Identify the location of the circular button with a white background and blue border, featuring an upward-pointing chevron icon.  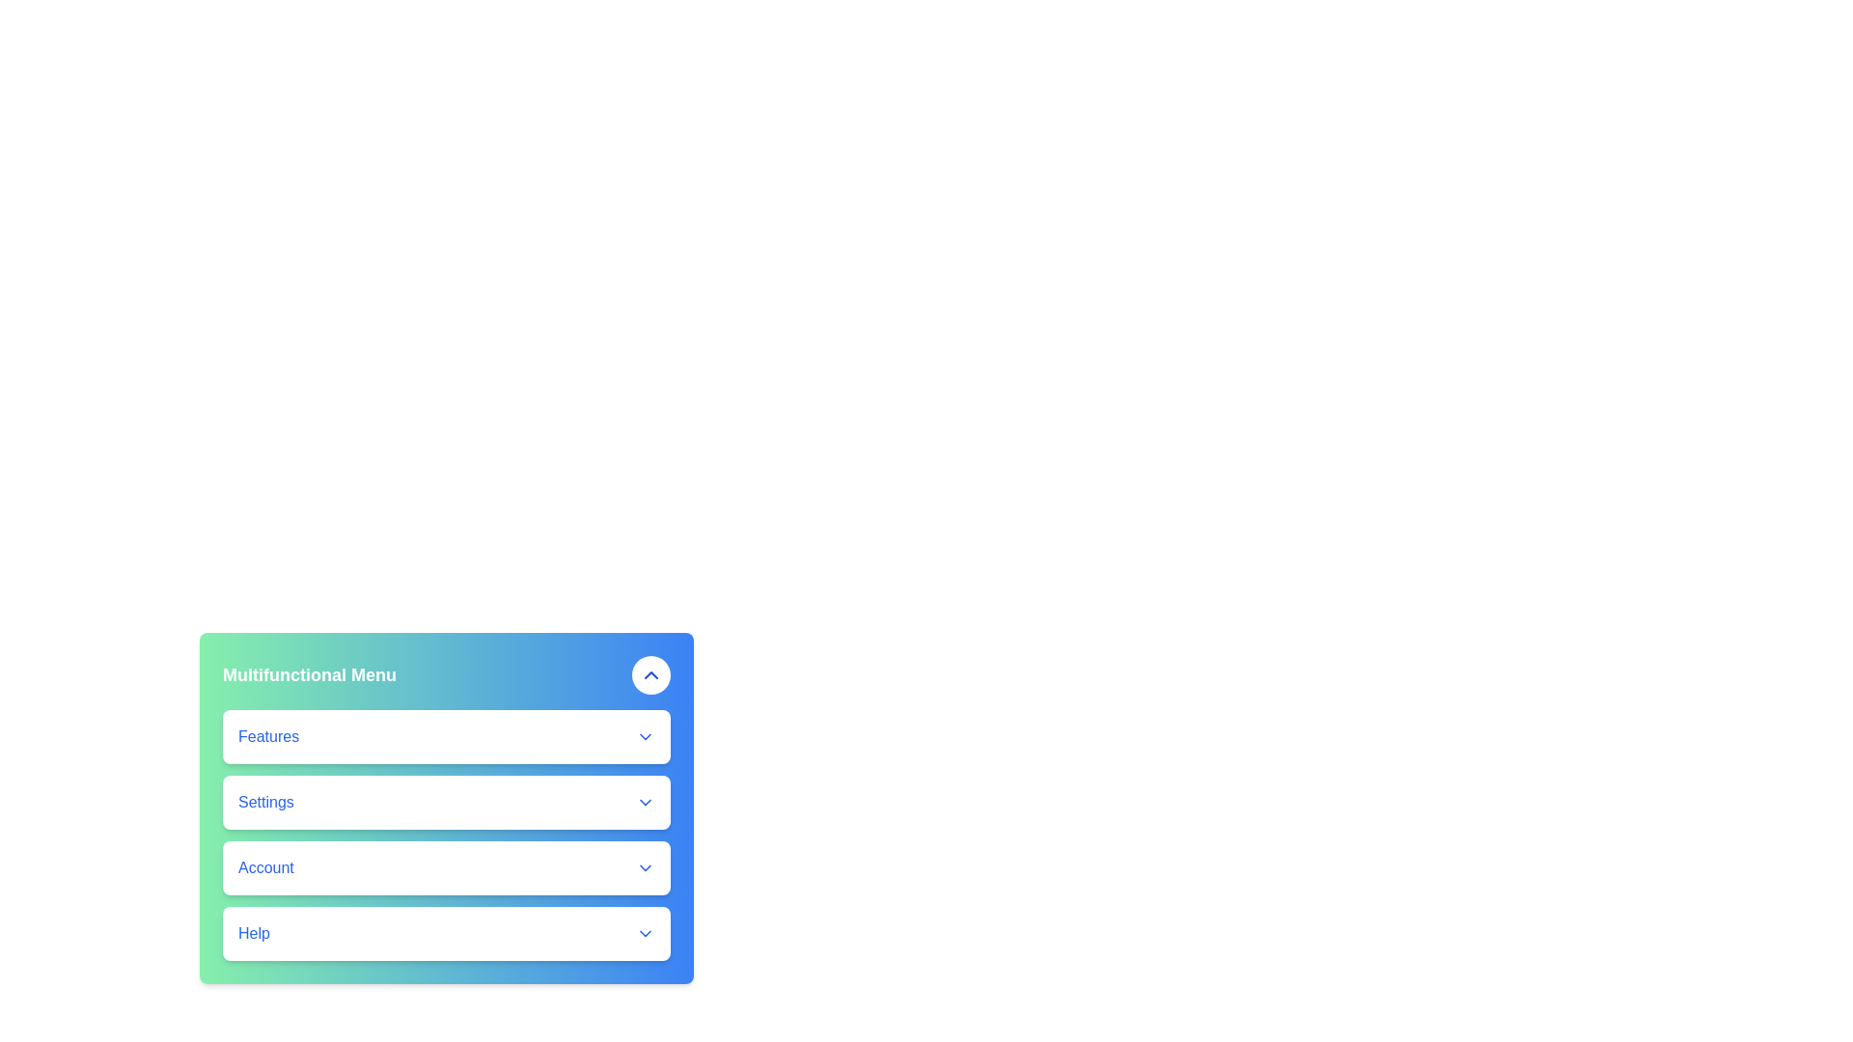
(651, 673).